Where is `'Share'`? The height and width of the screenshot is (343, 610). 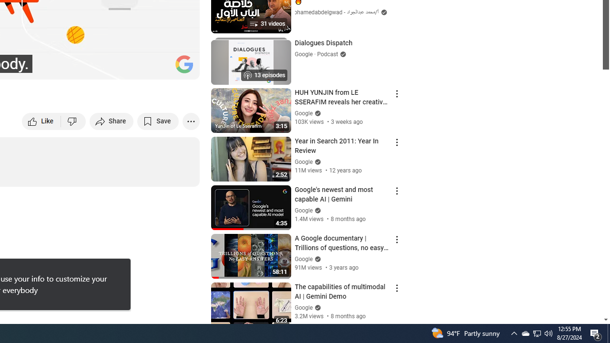
'Share' is located at coordinates (112, 121).